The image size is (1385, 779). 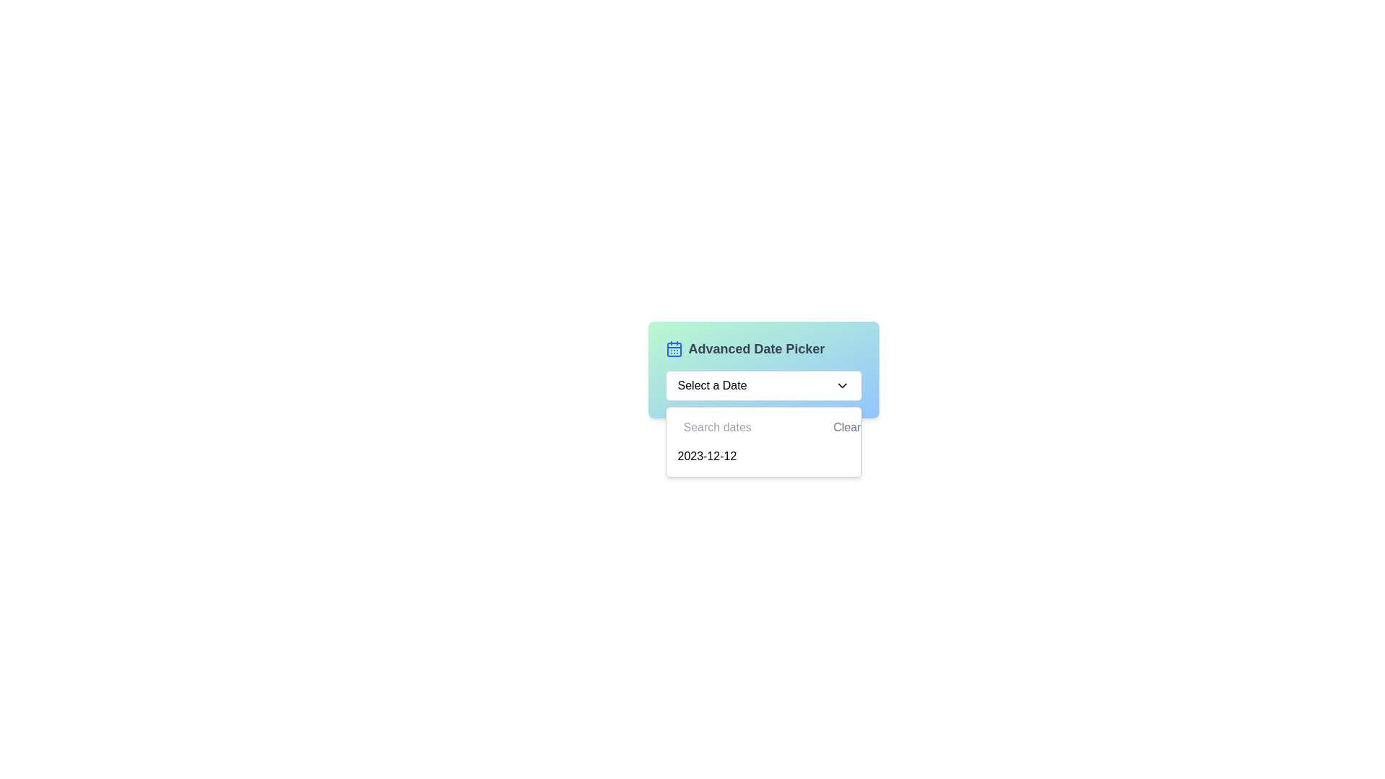 What do you see at coordinates (847, 427) in the screenshot?
I see `the 'Clear' button, which is styled in light gray and positioned to the right of the 'Search dates' input field within a dropdown menu under a date picker component` at bounding box center [847, 427].